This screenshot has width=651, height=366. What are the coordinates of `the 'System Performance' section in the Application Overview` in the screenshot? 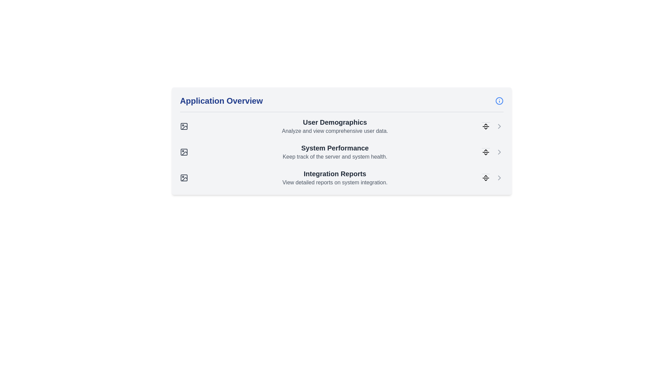 It's located at (342, 151).